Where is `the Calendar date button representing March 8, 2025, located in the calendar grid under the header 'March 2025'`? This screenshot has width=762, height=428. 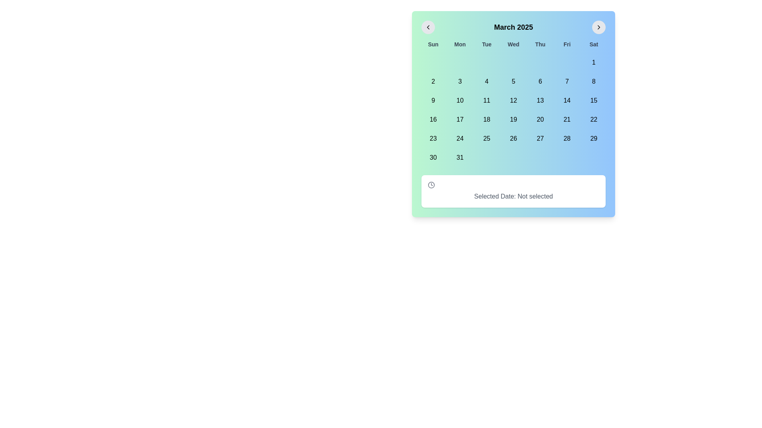 the Calendar date button representing March 8, 2025, located in the calendar grid under the header 'March 2025' is located at coordinates (594, 81).